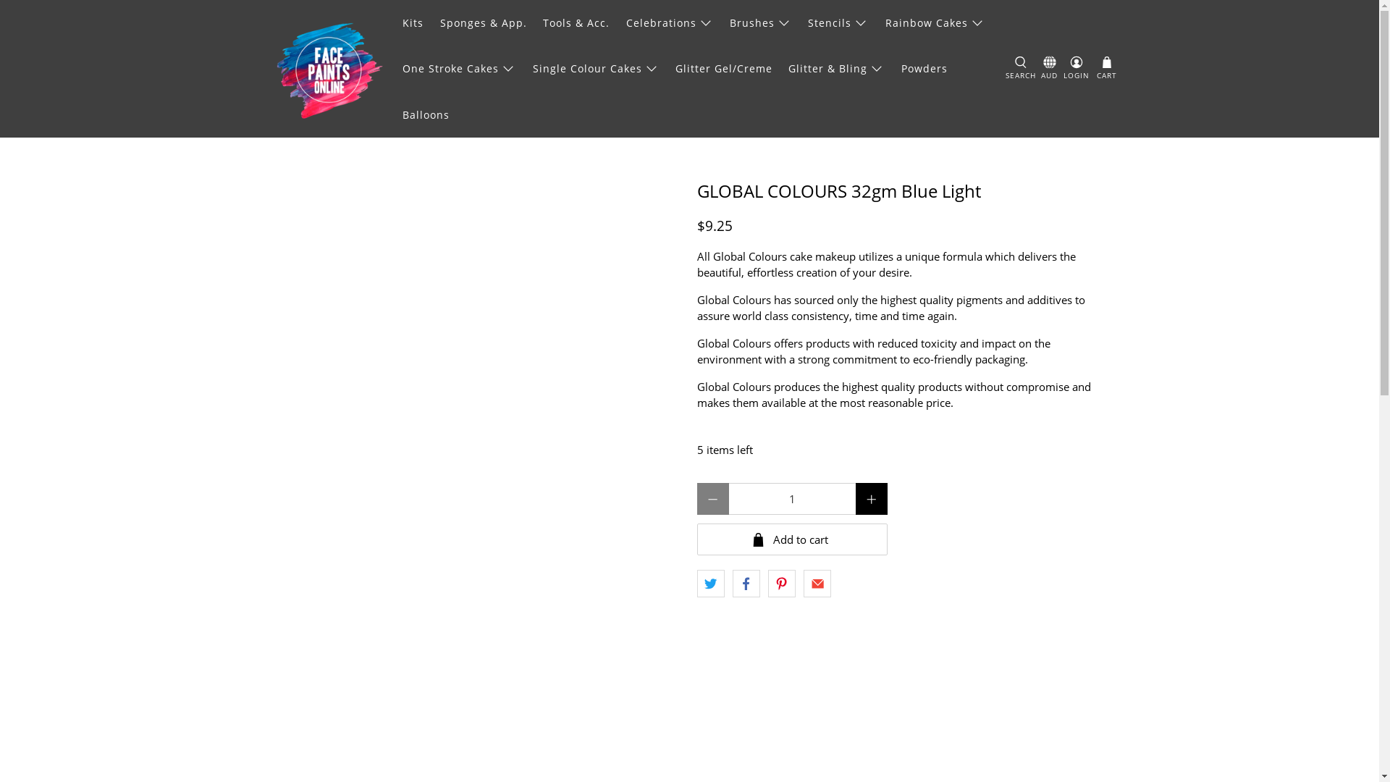 The height and width of the screenshot is (782, 1390). What do you see at coordinates (733, 583) in the screenshot?
I see `'Share this on Facebook'` at bounding box center [733, 583].